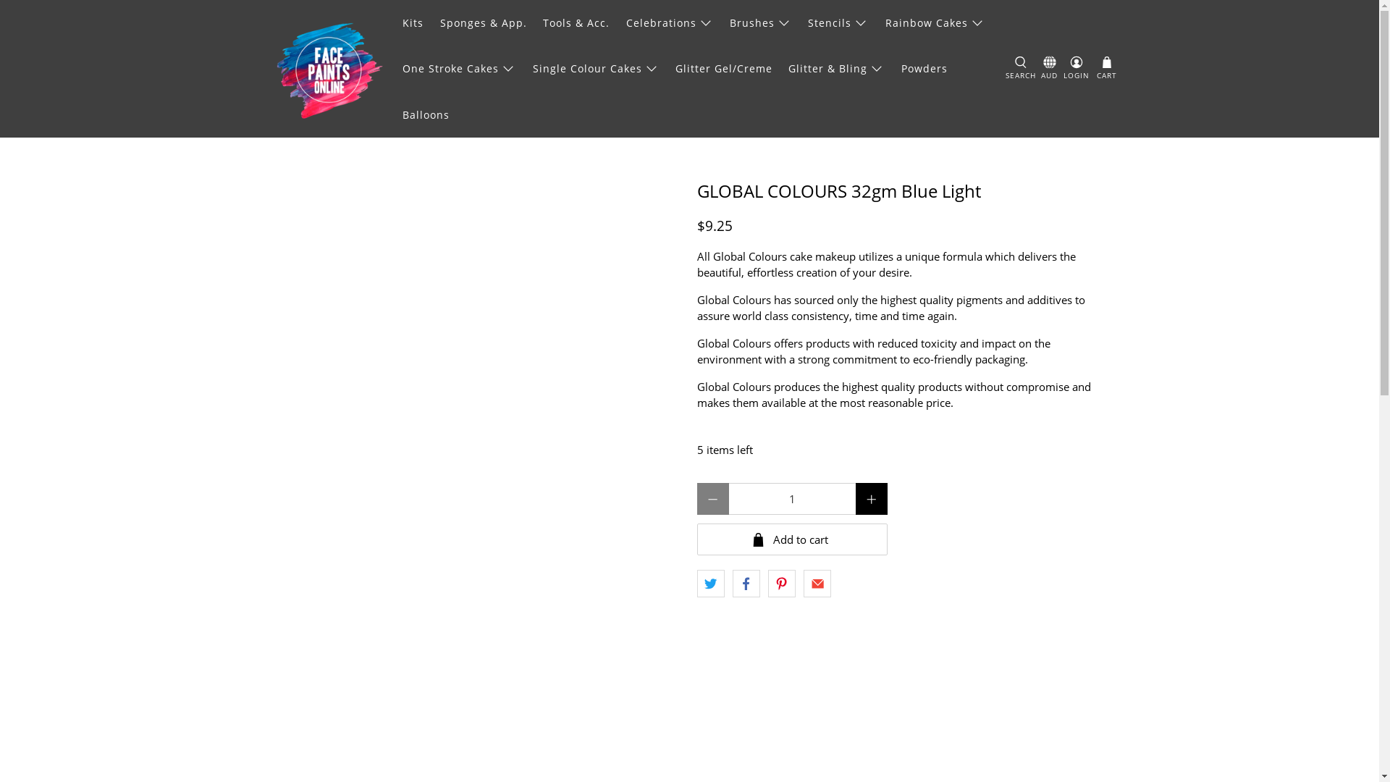 The height and width of the screenshot is (782, 1390). What do you see at coordinates (733, 583) in the screenshot?
I see `'Share this on Facebook'` at bounding box center [733, 583].